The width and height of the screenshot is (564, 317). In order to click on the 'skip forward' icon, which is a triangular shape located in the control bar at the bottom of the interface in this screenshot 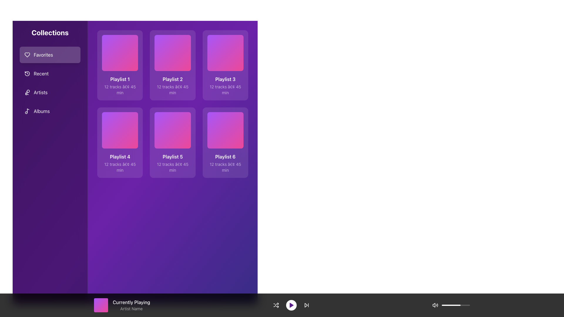, I will do `click(305, 305)`.